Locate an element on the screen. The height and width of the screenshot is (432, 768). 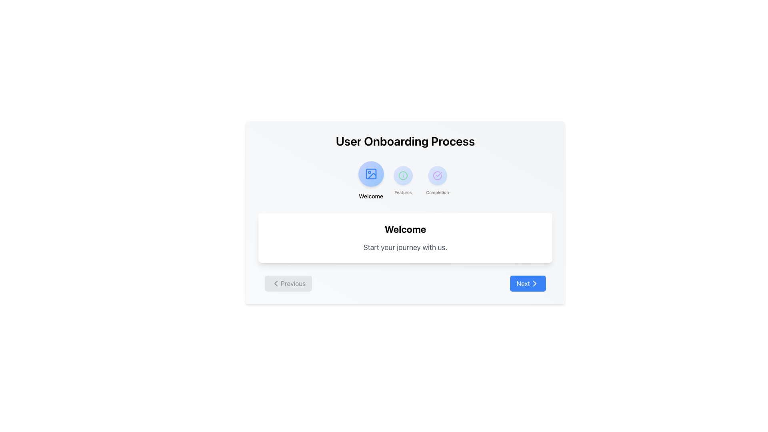
the 'Features' icon in the user onboarding process is located at coordinates (403, 175).